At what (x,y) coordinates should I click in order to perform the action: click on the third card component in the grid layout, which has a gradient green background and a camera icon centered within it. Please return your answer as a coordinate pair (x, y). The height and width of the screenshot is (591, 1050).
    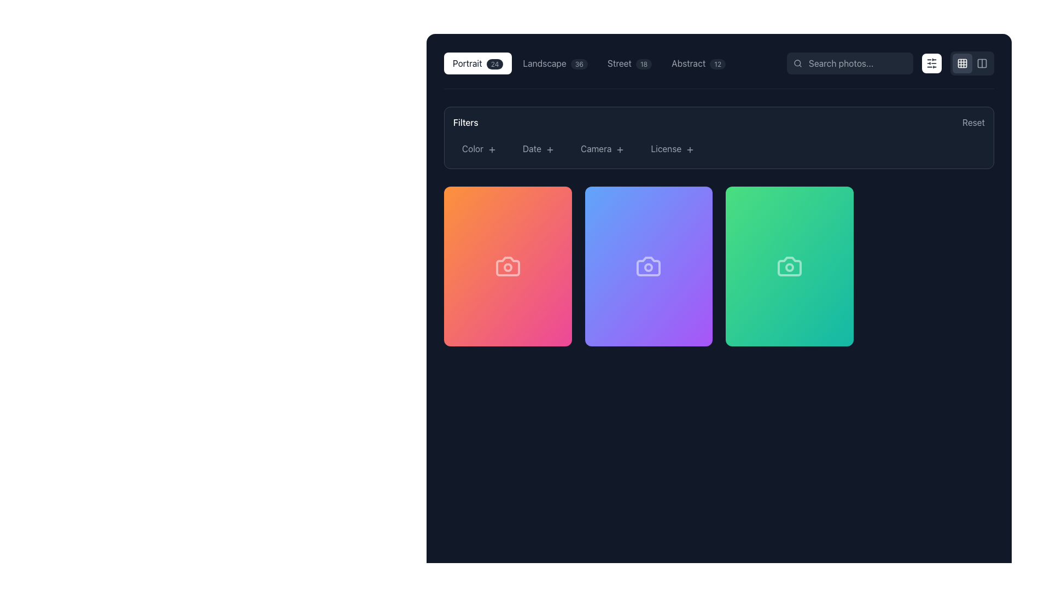
    Looking at the image, I should click on (789, 266).